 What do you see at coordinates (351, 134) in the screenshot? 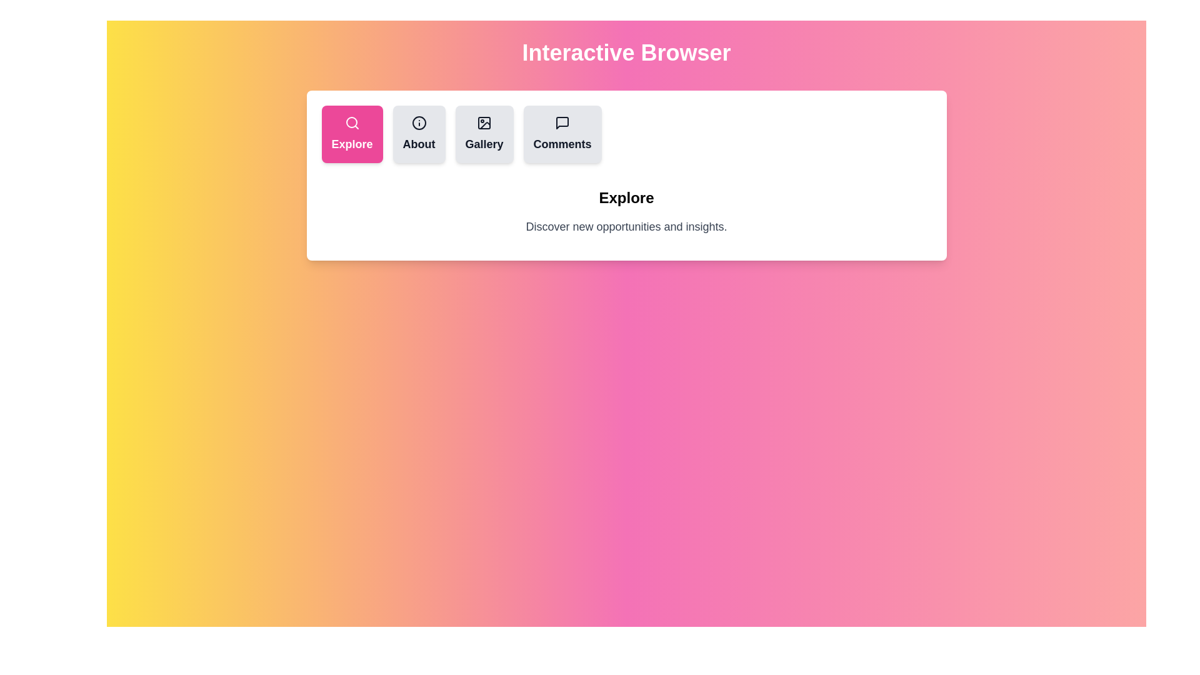
I see `the tab button labeled Explore to observe the visual feedback effect` at bounding box center [351, 134].